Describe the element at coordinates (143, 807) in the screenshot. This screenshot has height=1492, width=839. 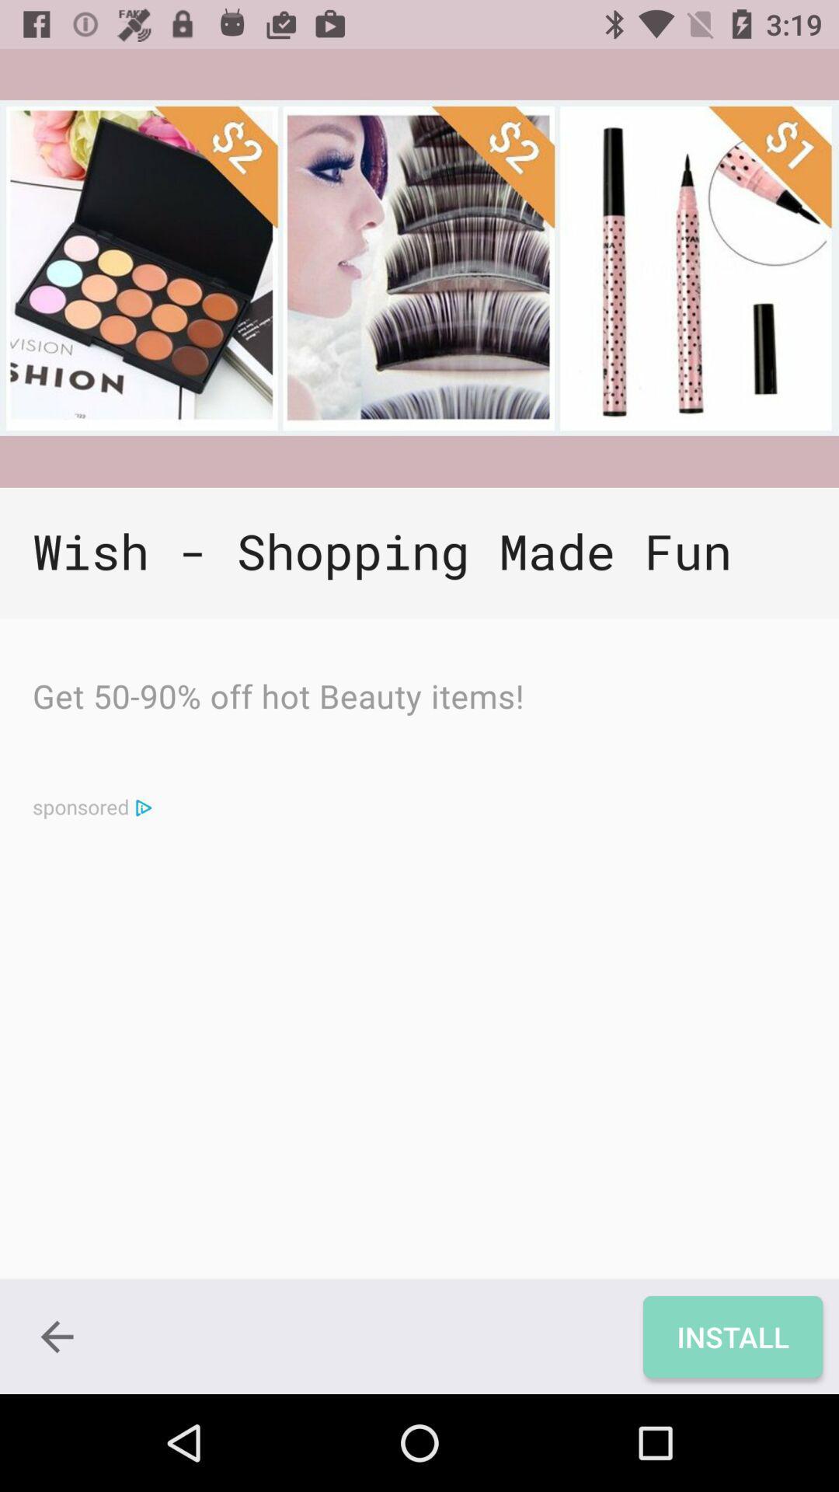
I see `the icon below the get 50 90` at that location.